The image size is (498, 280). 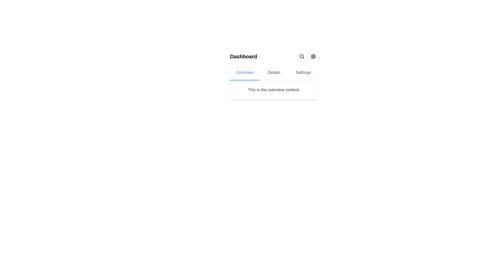 What do you see at coordinates (313, 57) in the screenshot?
I see `the settings icon located at the top-right corner of the interface, adjacent to the search icon` at bounding box center [313, 57].